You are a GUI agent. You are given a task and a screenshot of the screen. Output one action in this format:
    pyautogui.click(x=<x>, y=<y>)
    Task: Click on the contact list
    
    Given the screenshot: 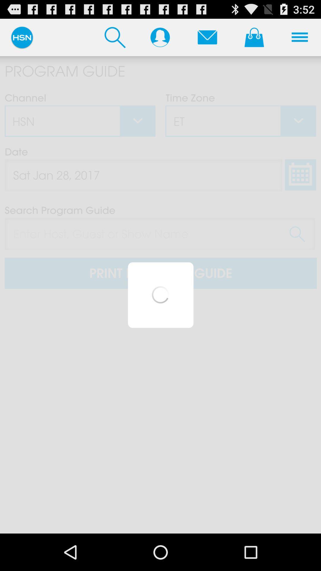 What is the action you would take?
    pyautogui.click(x=160, y=37)
    